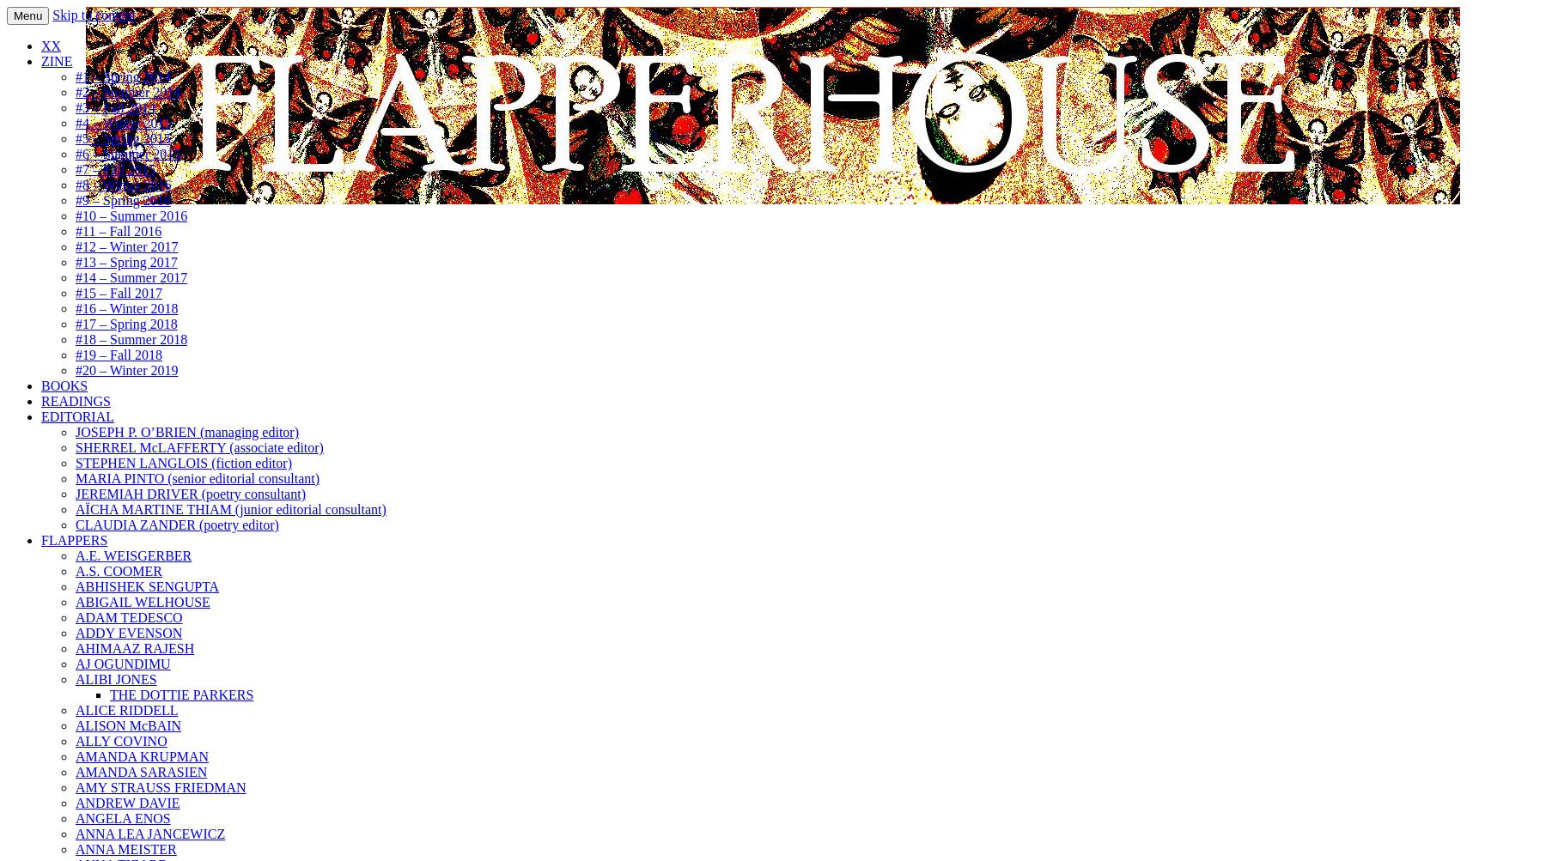  Describe the element at coordinates (128, 616) in the screenshot. I see `'ADAM TEDESCO'` at that location.